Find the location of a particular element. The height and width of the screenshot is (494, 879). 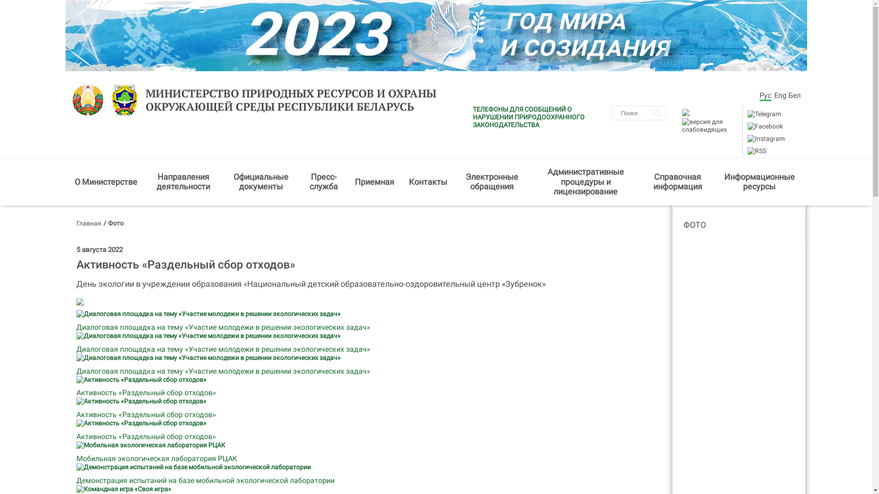

'Facebook' is located at coordinates (765, 126).